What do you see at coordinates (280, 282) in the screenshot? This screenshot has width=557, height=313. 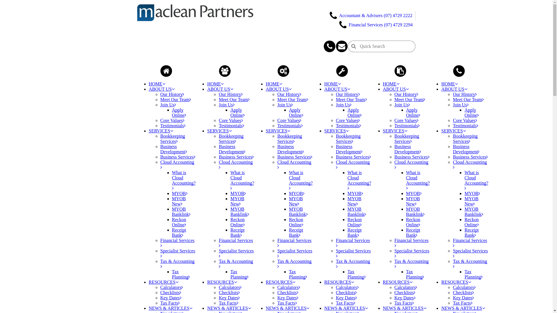 I see `'RESOURCES'` at bounding box center [280, 282].